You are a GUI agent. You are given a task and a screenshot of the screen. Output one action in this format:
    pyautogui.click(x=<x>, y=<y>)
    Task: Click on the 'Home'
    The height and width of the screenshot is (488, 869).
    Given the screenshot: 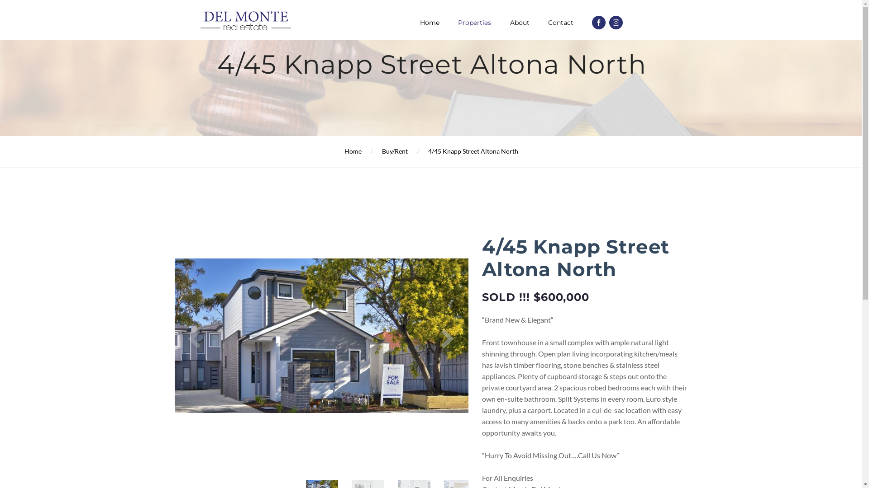 What is the action you would take?
    pyautogui.click(x=429, y=22)
    